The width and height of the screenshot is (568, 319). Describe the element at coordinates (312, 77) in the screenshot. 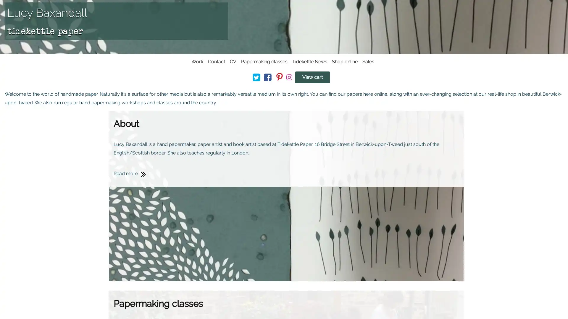

I see `View cart` at that location.